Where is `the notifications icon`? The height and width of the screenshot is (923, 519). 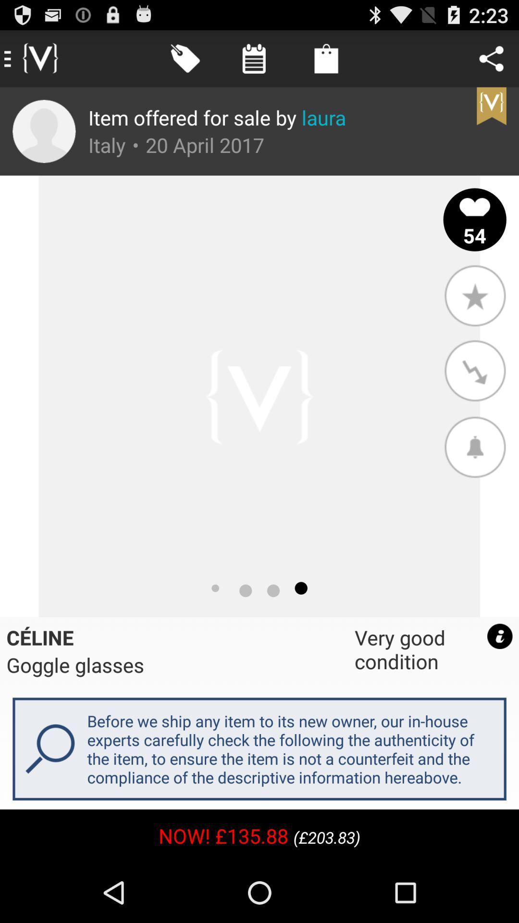
the notifications icon is located at coordinates (474, 478).